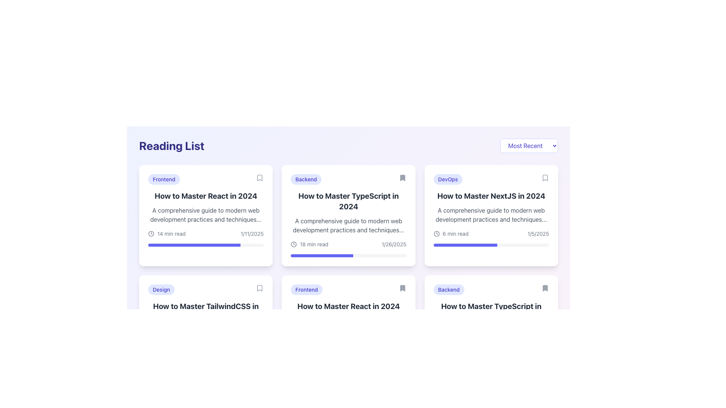  Describe the element at coordinates (448, 179) in the screenshot. I see `the Tag label located in the top-right corner of the card titled 'How to Master NextJS in 2024', which is positioned to the left of an interactive bookmark icon` at that location.